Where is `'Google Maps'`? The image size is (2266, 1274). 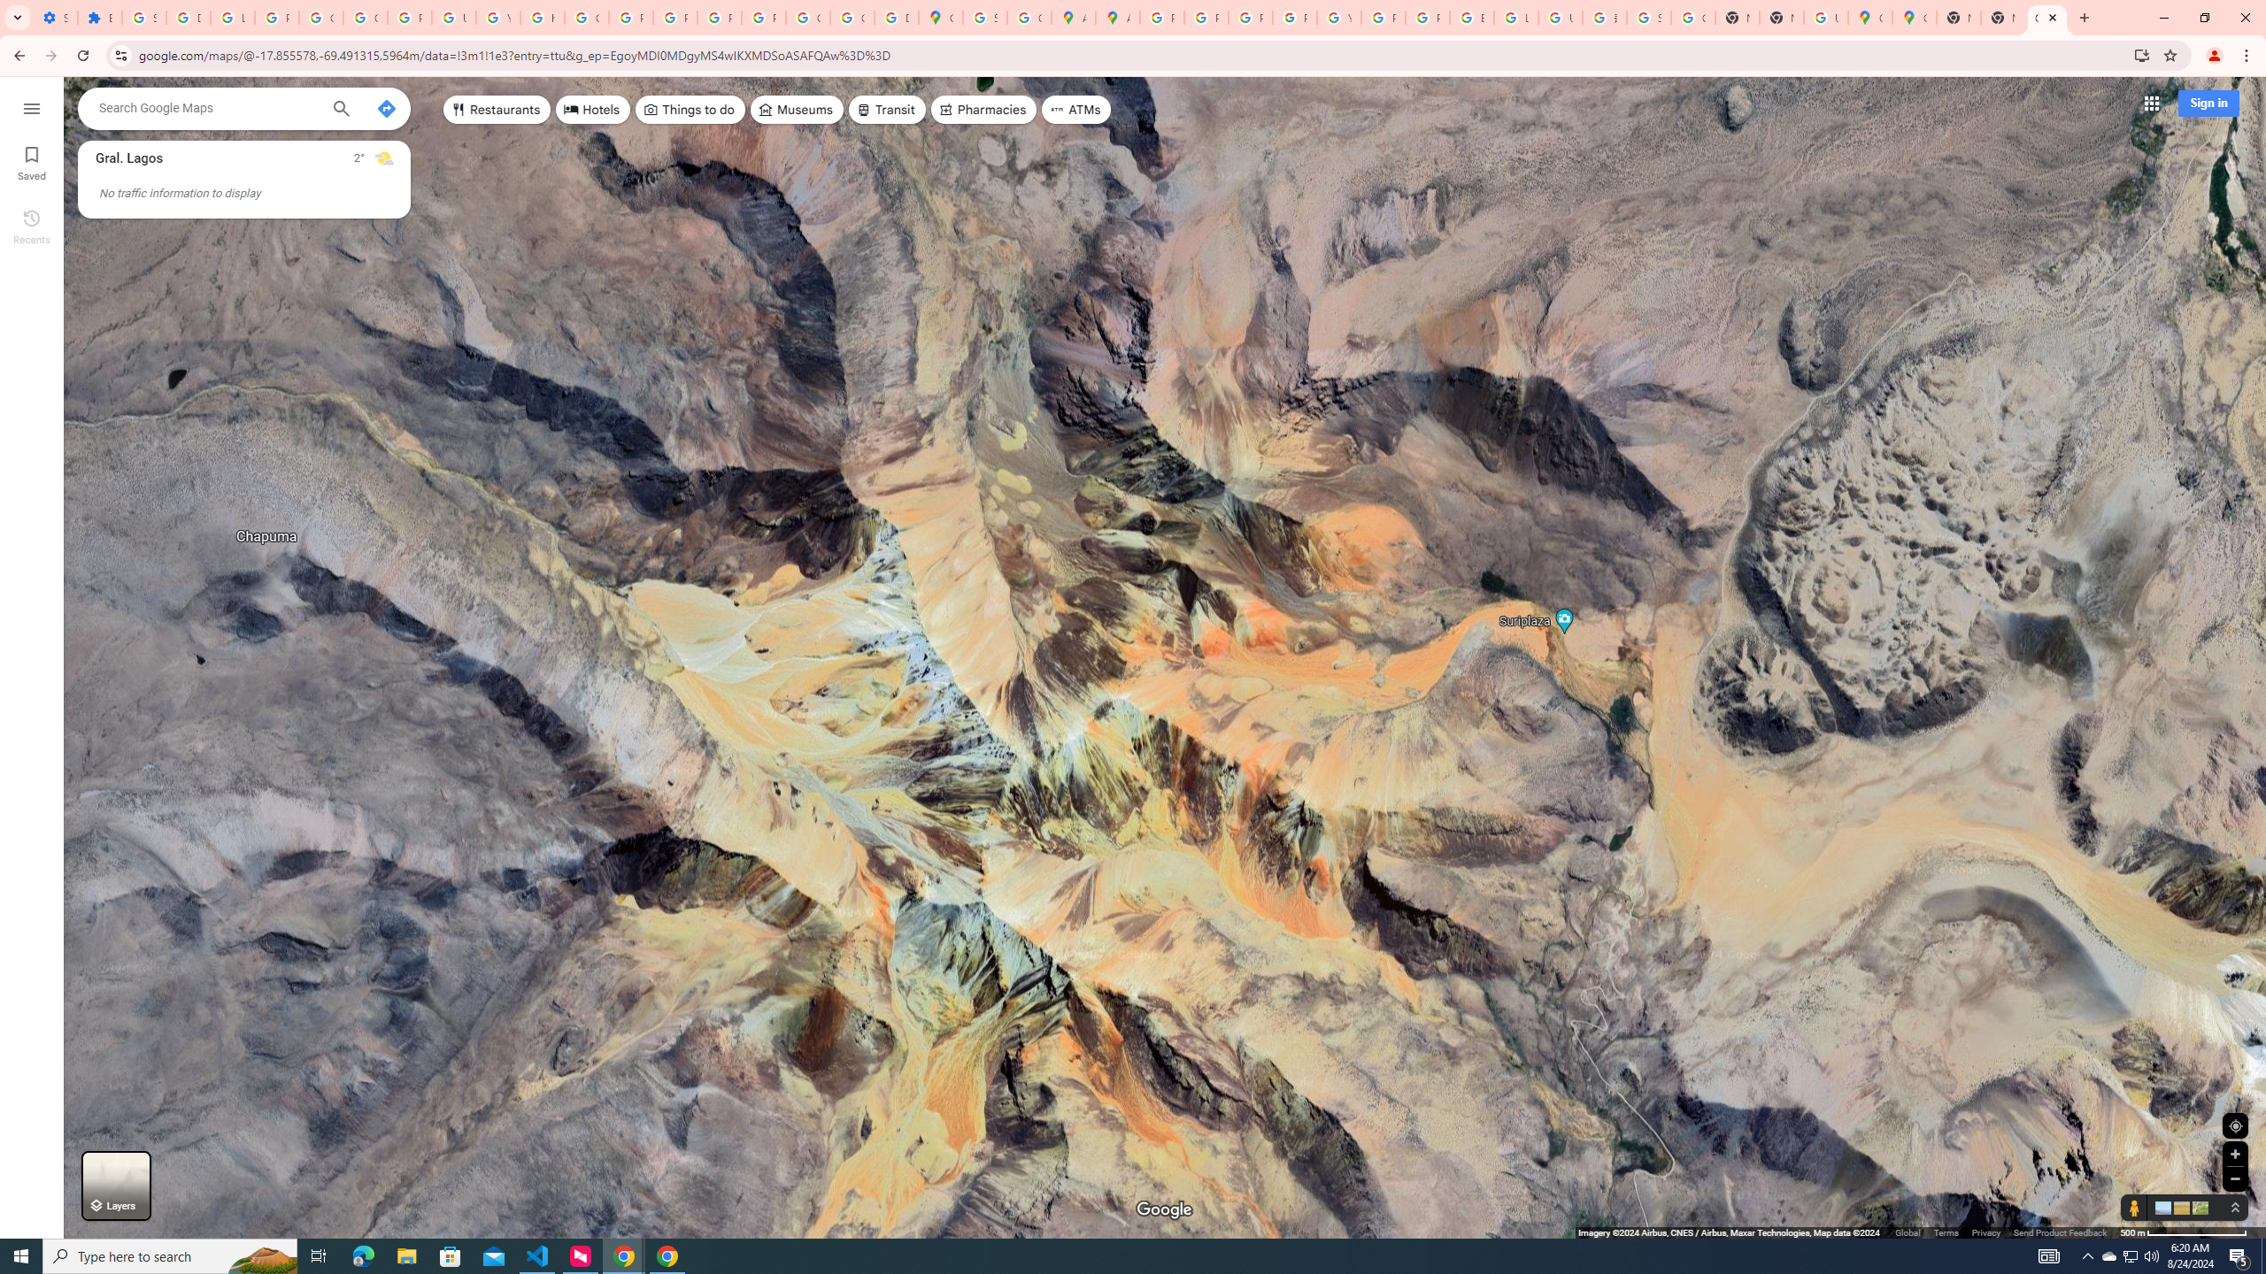
'Google Maps' is located at coordinates (1914, 17).